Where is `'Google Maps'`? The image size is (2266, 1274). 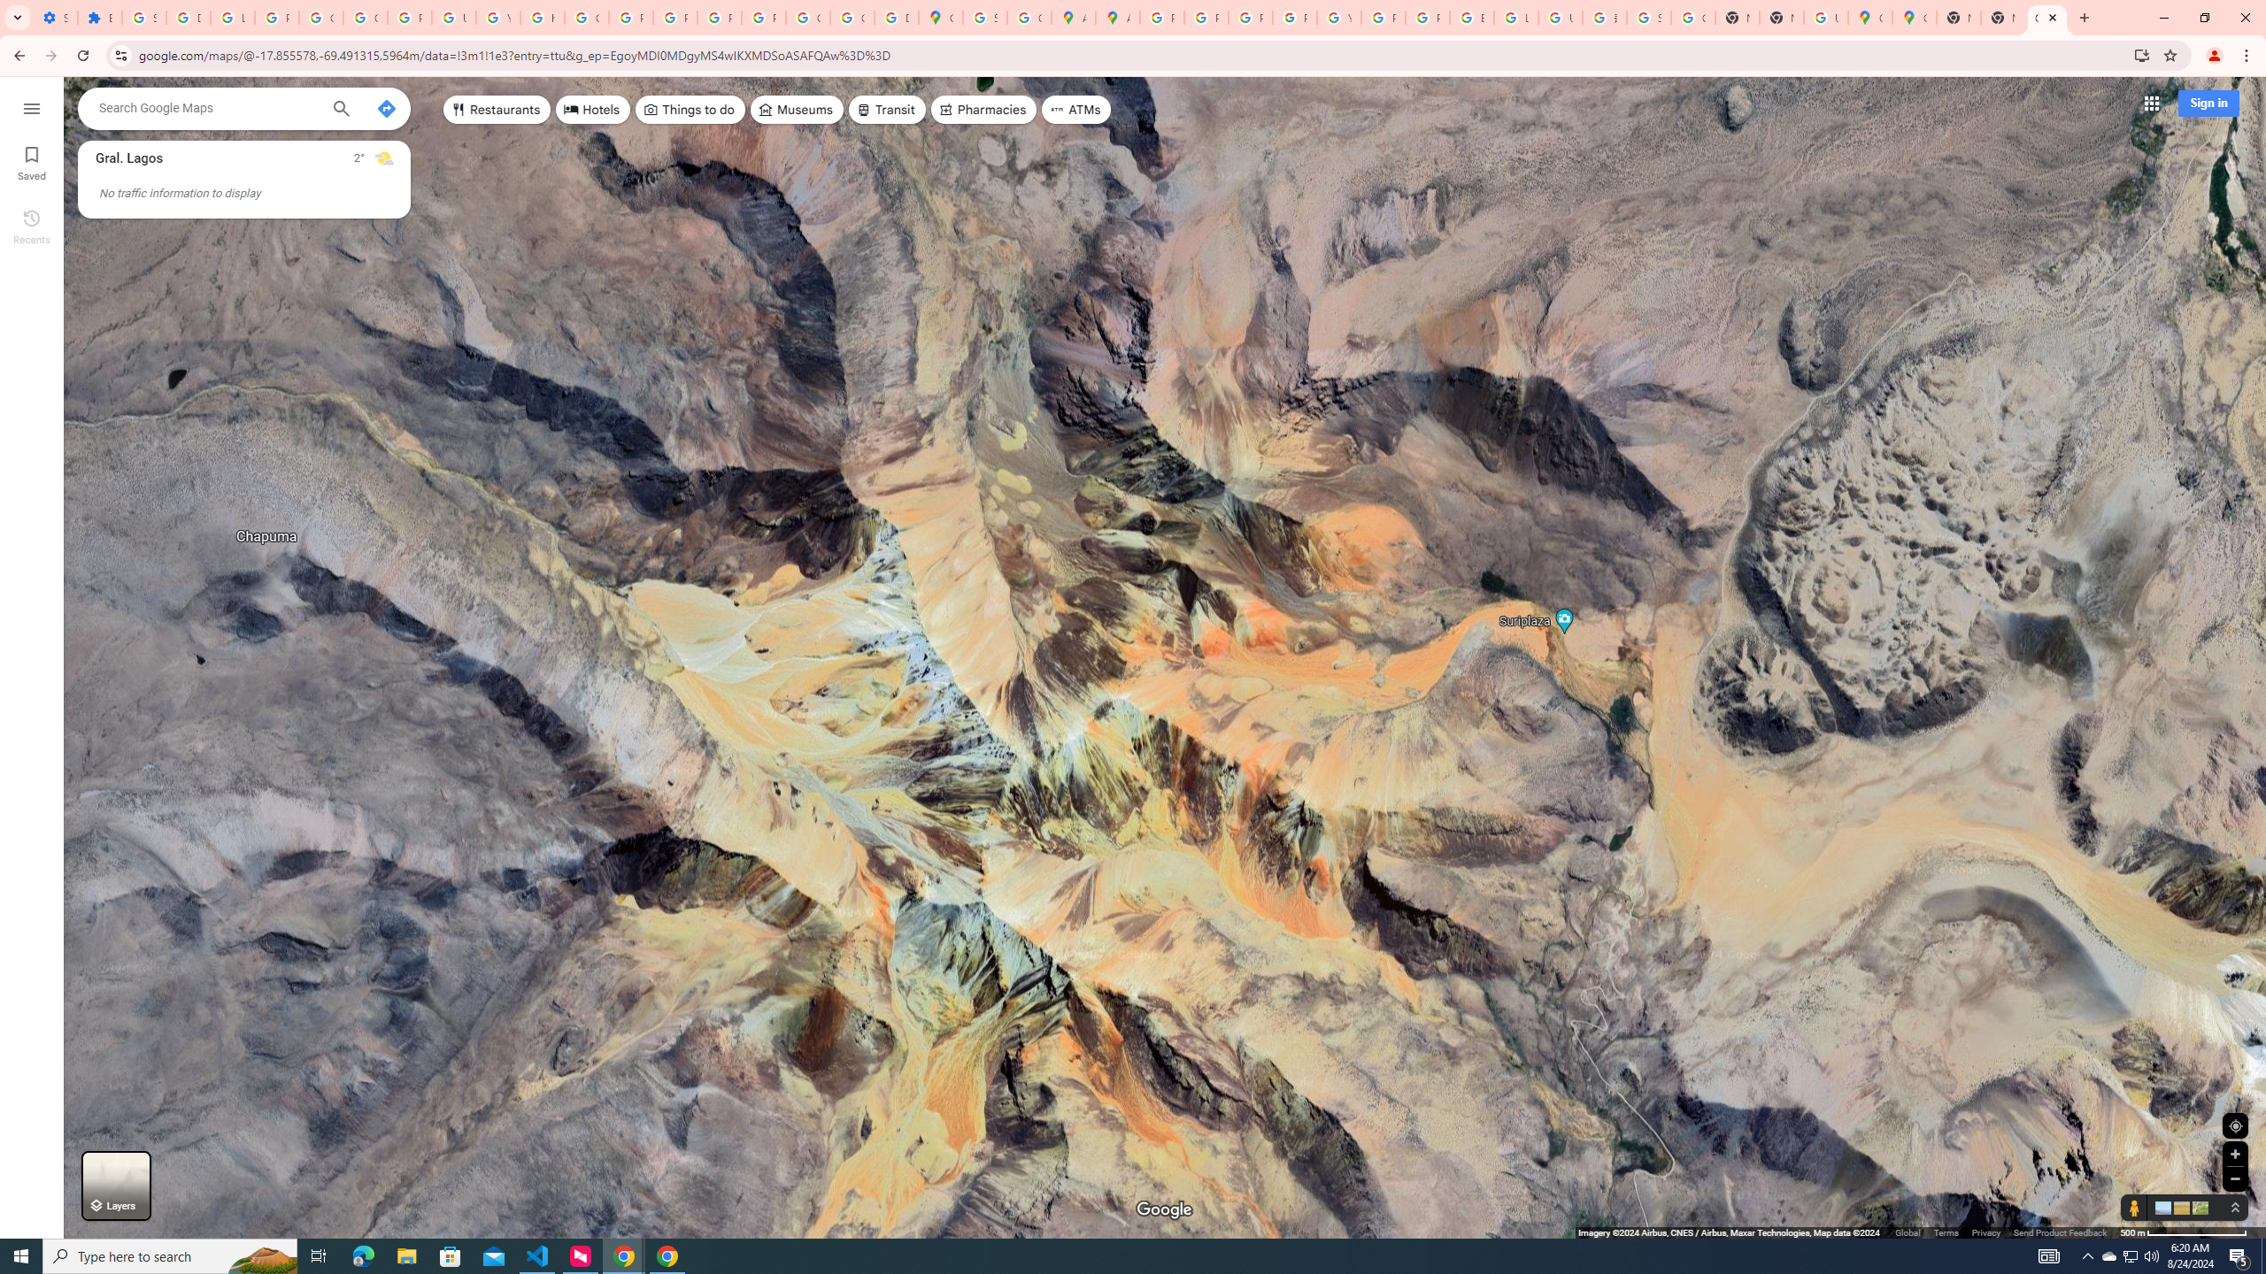
'Google Maps' is located at coordinates (1914, 17).